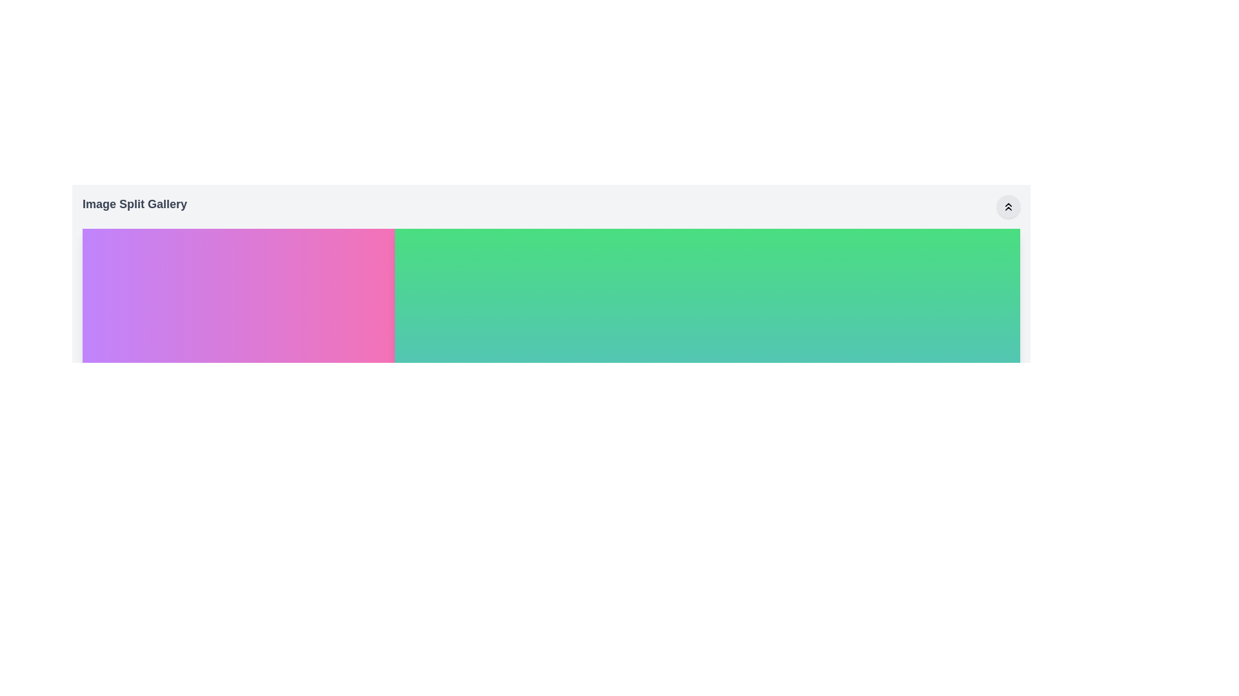  What do you see at coordinates (135, 206) in the screenshot?
I see `the Text label that serves as a header for the gallery feature, positioned to the left of a round button with a chevron icon` at bounding box center [135, 206].